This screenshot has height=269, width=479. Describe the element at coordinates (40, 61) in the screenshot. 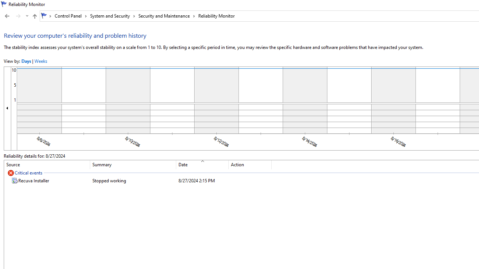

I see `'ViewByWeeks'` at that location.